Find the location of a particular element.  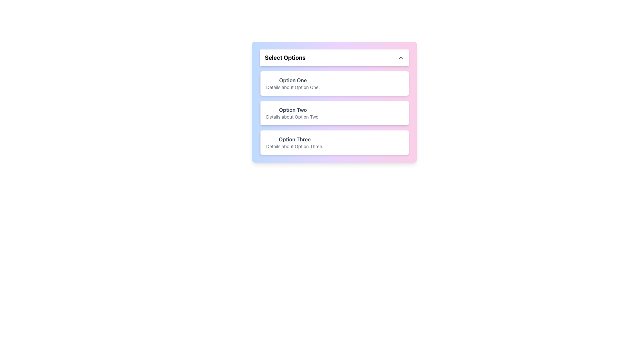

the first list item in the 'Select Options' dropdown menu that displays 'Option One' and its details is located at coordinates (293, 83).